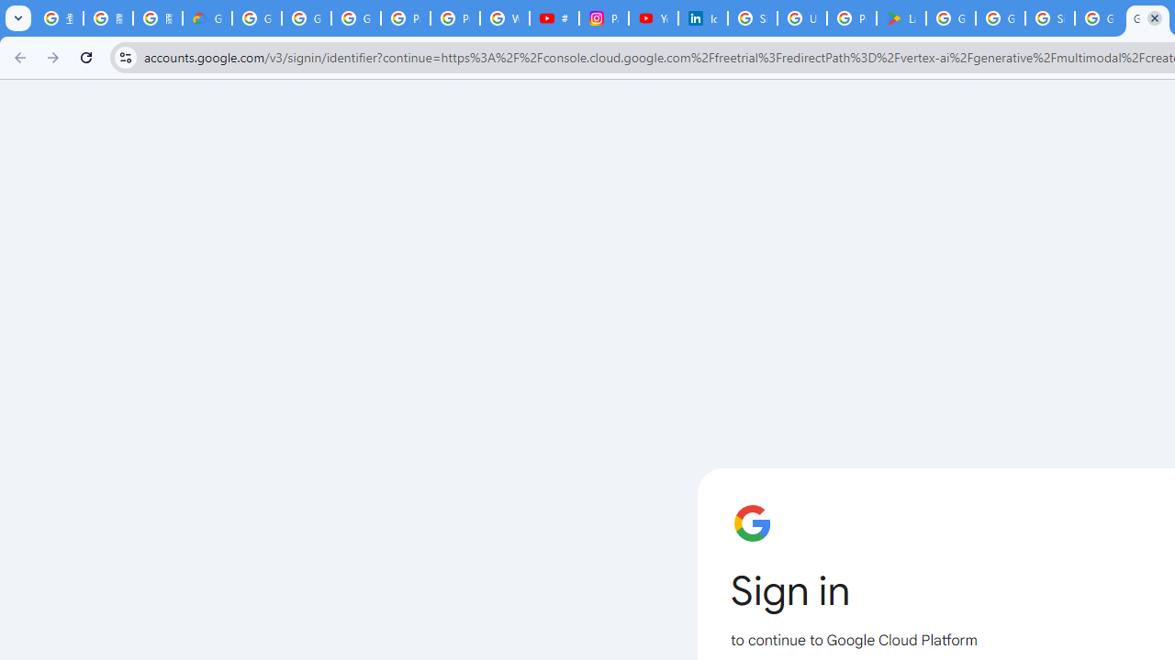  Describe the element at coordinates (653, 18) in the screenshot. I see `'YouTube Culture & Trends - On The Rise: Handcam Videos'` at that location.